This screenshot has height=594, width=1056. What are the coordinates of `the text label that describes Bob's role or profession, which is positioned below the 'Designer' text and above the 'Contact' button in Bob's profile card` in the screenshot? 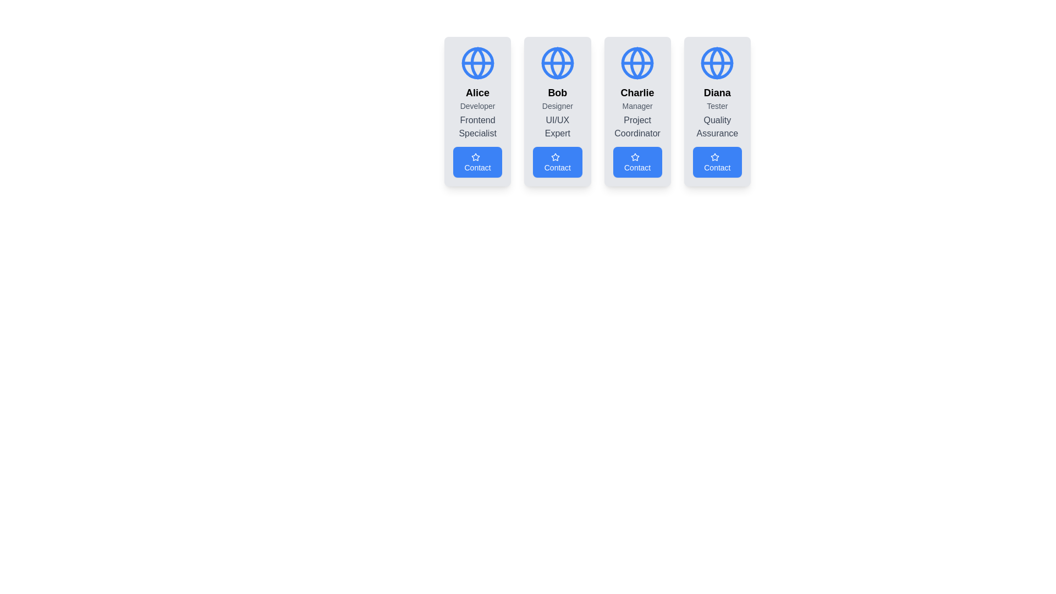 It's located at (557, 127).